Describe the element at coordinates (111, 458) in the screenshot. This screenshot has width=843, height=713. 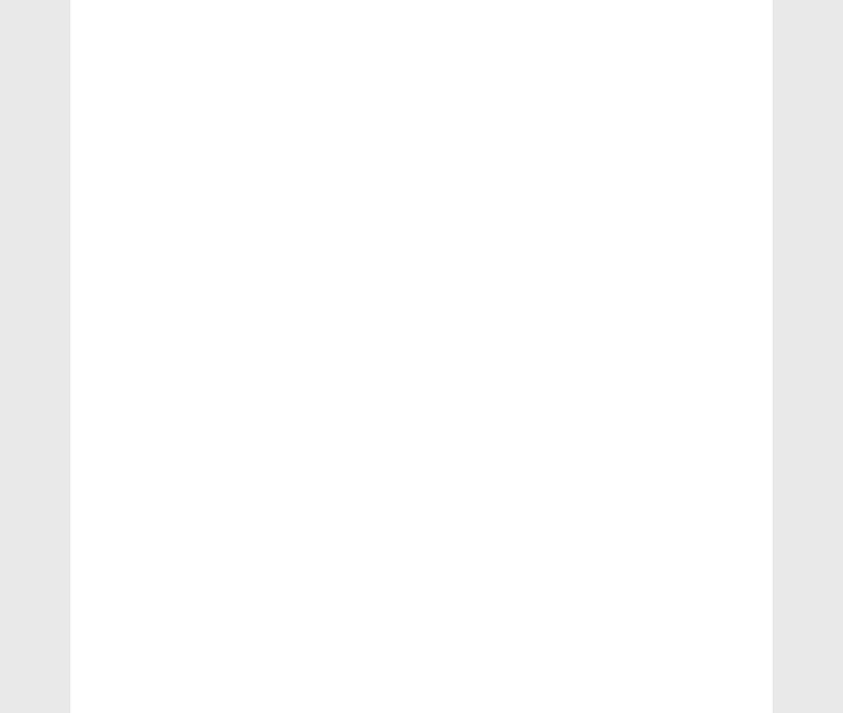
I see `'VAT'` at that location.